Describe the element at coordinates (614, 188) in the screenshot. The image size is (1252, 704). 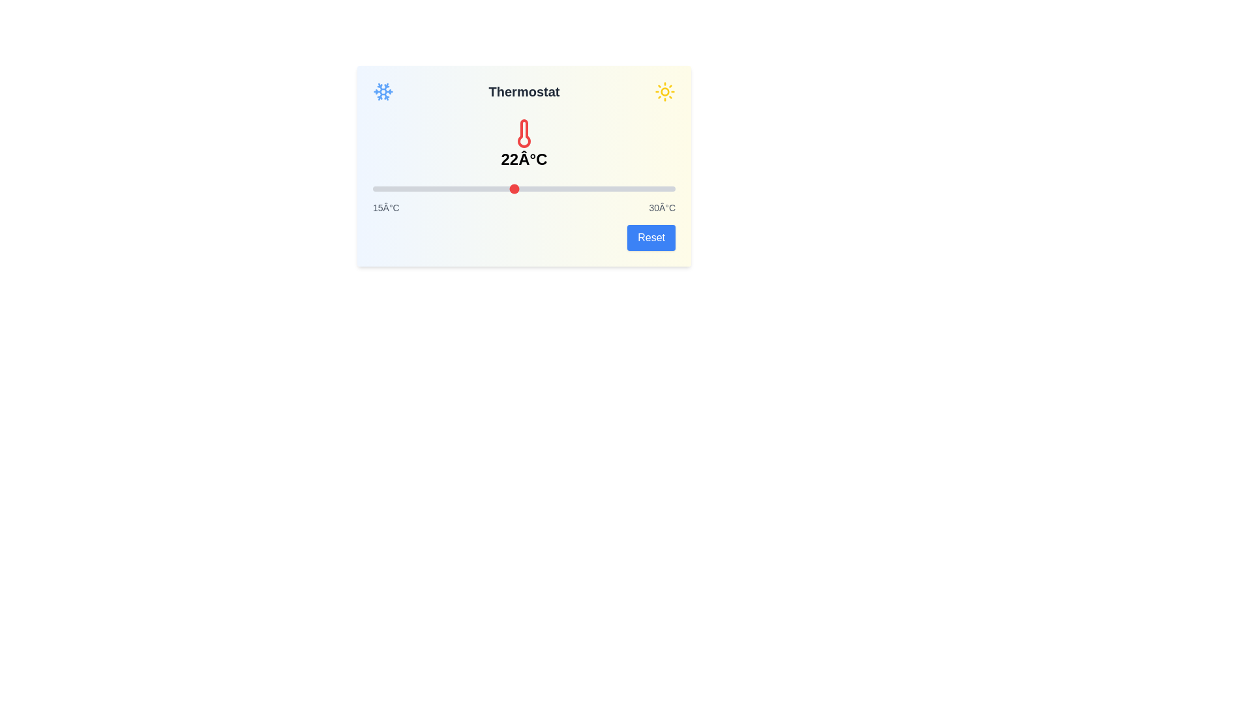
I see `the slider to set the temperature to 27 degrees` at that location.